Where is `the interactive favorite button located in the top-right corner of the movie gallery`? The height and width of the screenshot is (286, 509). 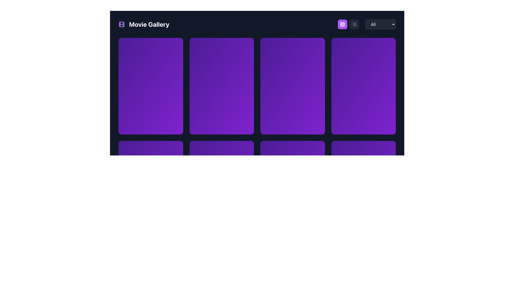 the interactive favorite button located in the top-right corner of the movie gallery is located at coordinates (387, 46).